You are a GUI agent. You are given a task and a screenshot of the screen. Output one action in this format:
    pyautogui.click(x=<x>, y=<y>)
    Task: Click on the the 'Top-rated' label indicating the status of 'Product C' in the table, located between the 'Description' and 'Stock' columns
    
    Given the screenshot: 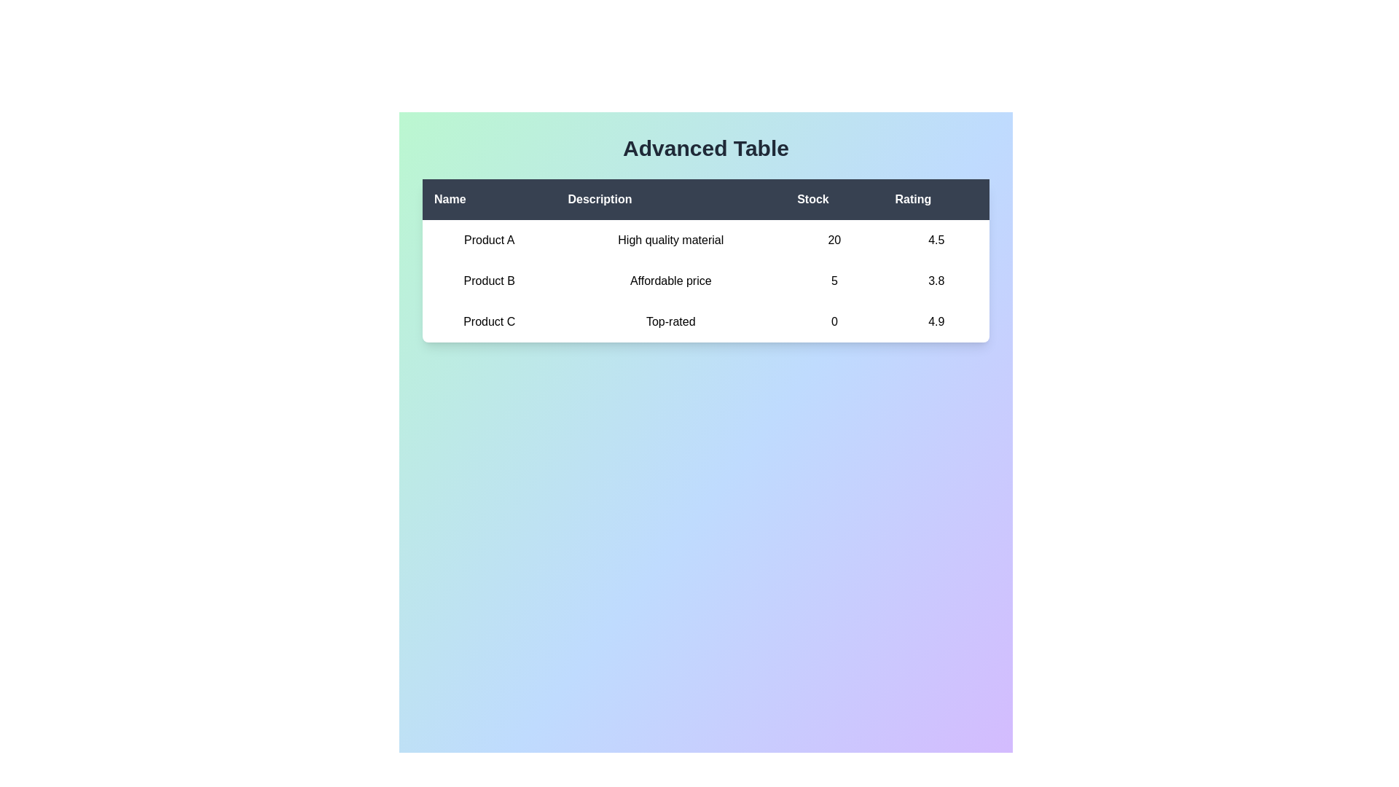 What is the action you would take?
    pyautogui.click(x=670, y=321)
    